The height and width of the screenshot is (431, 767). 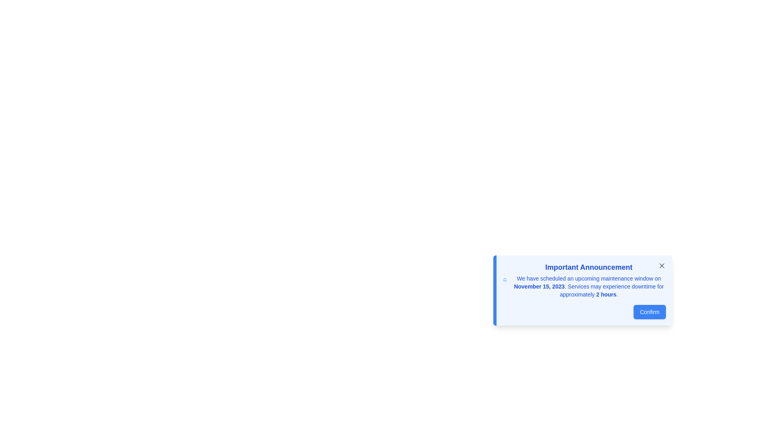 I want to click on the static text block that contains the announcement with the date 'November 15, 2023' and duration '2 hours', located below the heading 'Important Announcement', so click(x=589, y=286).